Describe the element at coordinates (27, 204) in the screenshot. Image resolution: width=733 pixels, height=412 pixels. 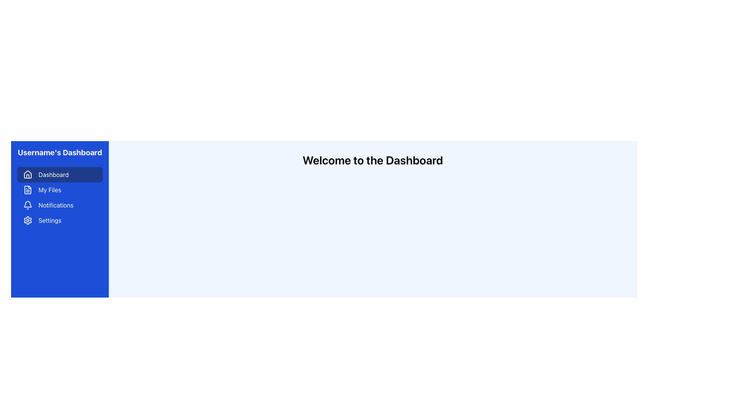
I see `the notification icon located to the left of the 'Notifications' text in the navigation menu` at that location.